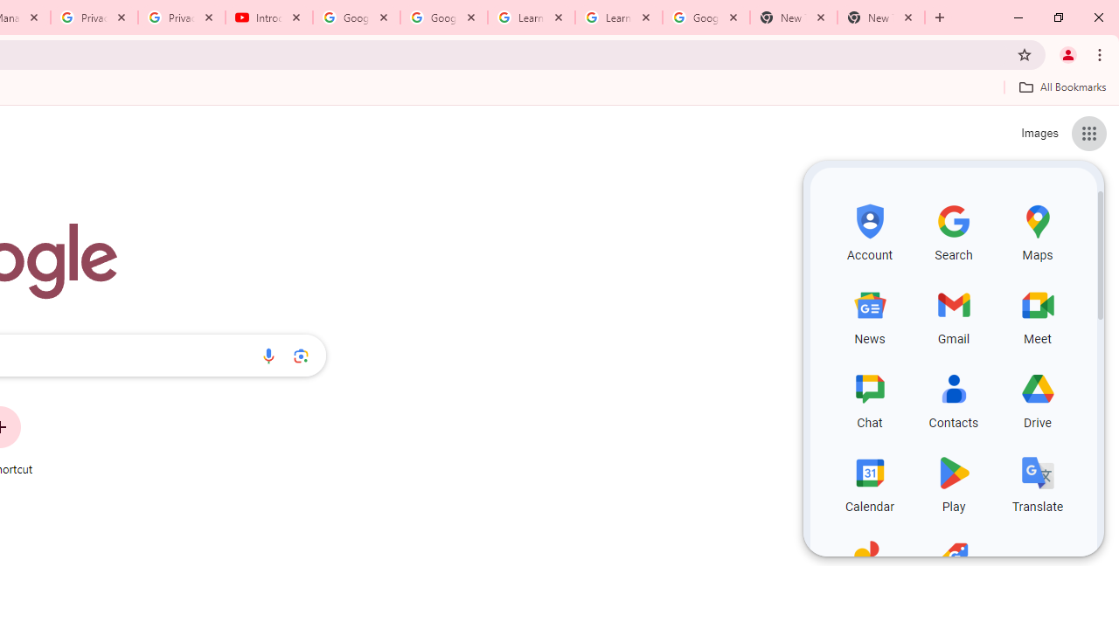  What do you see at coordinates (268, 355) in the screenshot?
I see `'Search by voice'` at bounding box center [268, 355].